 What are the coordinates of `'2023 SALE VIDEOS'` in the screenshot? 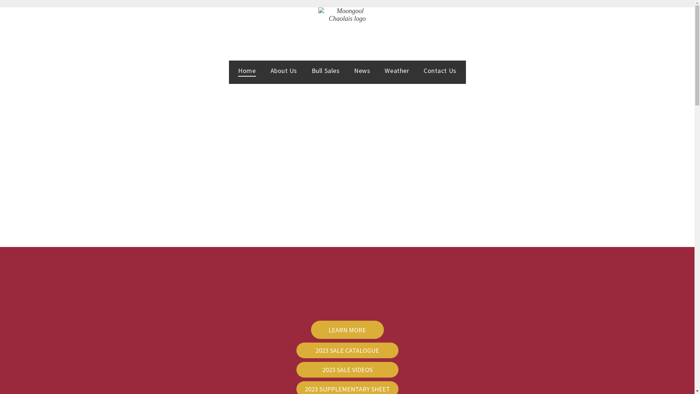 It's located at (346, 370).